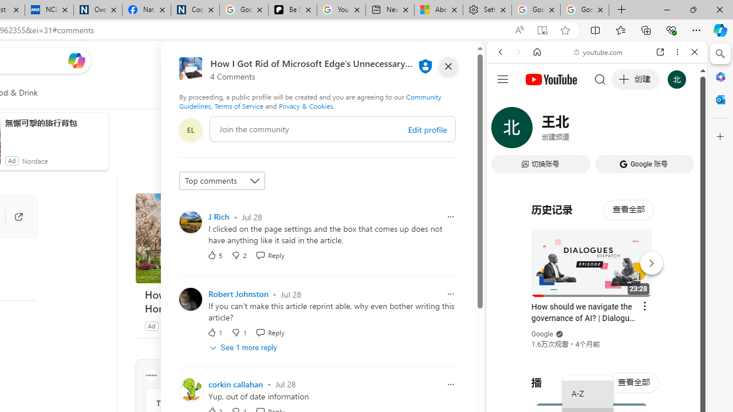 The width and height of the screenshot is (733, 412). What do you see at coordinates (602, 78) in the screenshot?
I see `'Search the web'` at bounding box center [602, 78].